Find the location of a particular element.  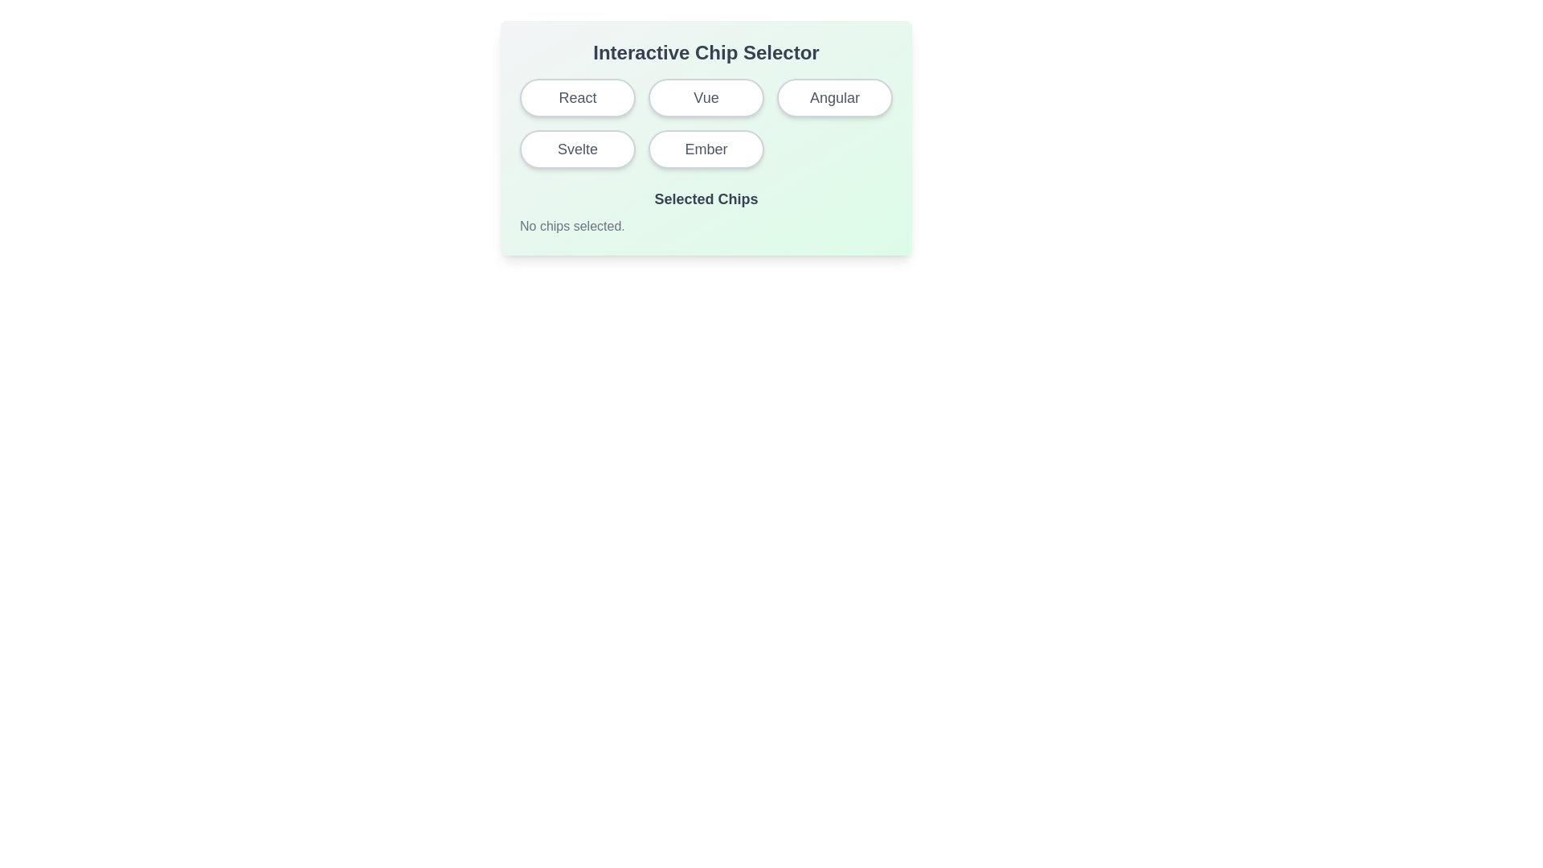

the 'React' button, which is a rounded rectangular button with gray text on a white background, located at the top-left of the grid layout is located at coordinates (578, 98).